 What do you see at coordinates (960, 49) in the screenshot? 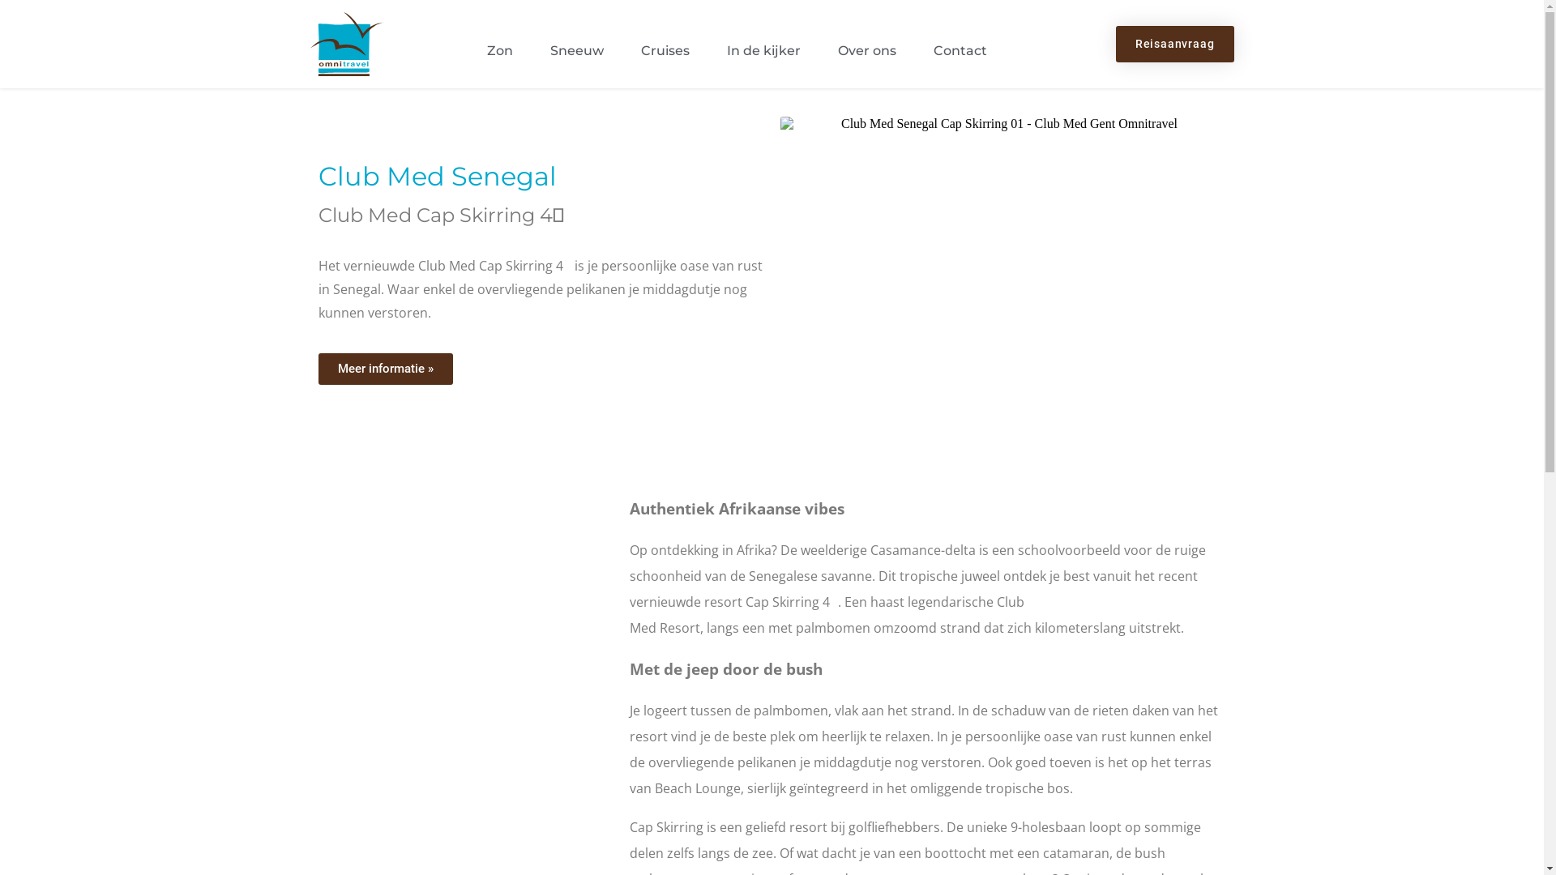
I see `'Contact'` at bounding box center [960, 49].